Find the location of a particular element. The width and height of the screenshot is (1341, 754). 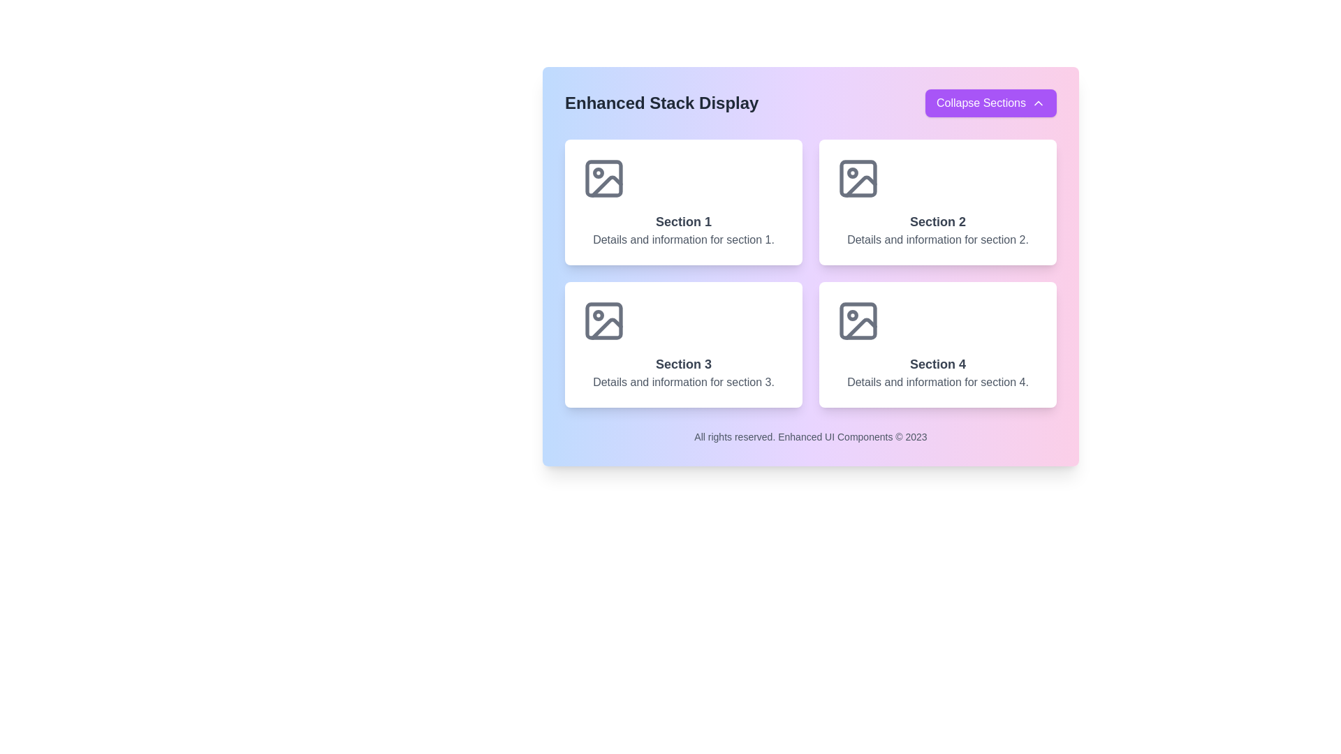

the icon resembling an image placeholder with a gray outline located in Section 3, positioned centrally above the text details for that section is located at coordinates (603, 320).